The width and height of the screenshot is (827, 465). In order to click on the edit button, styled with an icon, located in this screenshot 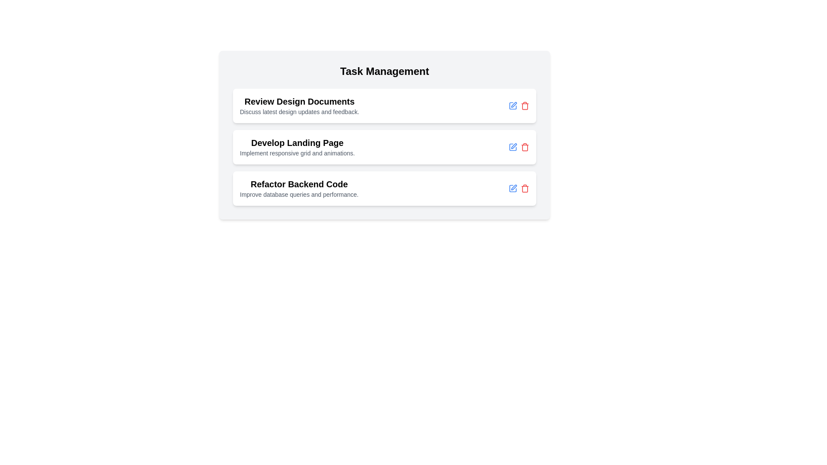, I will do `click(513, 147)`.